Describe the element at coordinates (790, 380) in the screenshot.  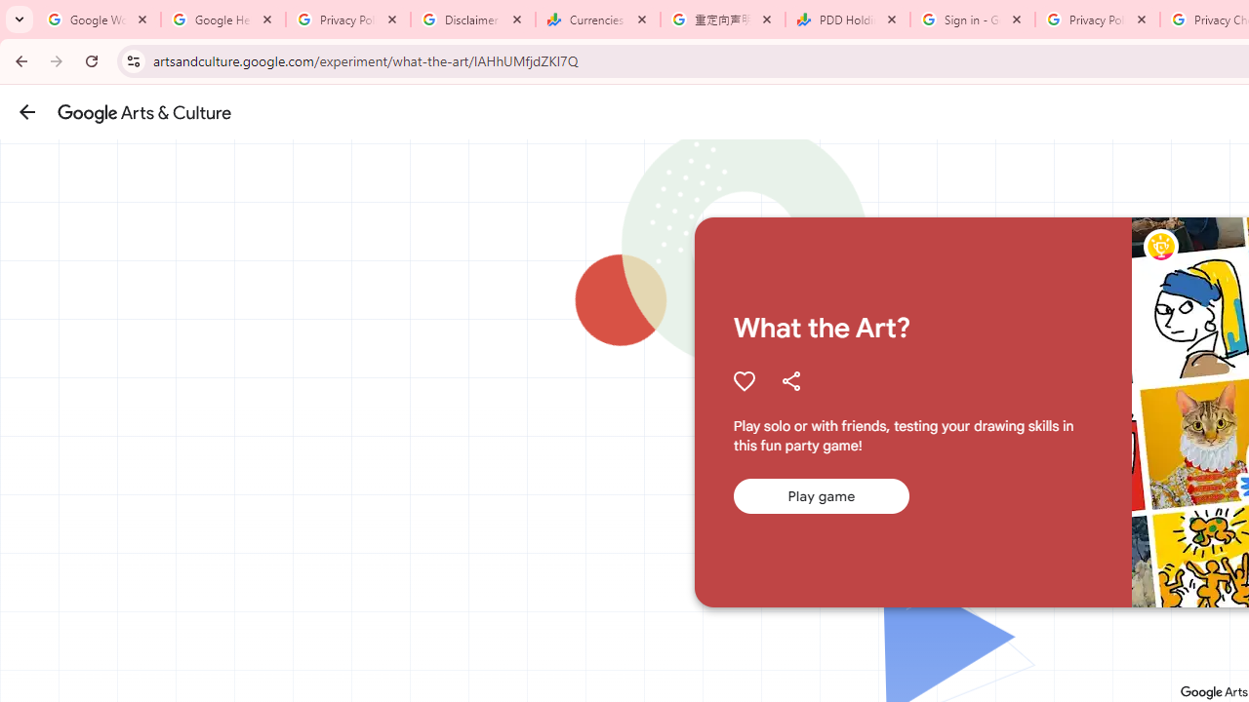
I see `'Share "What the Art?"'` at that location.